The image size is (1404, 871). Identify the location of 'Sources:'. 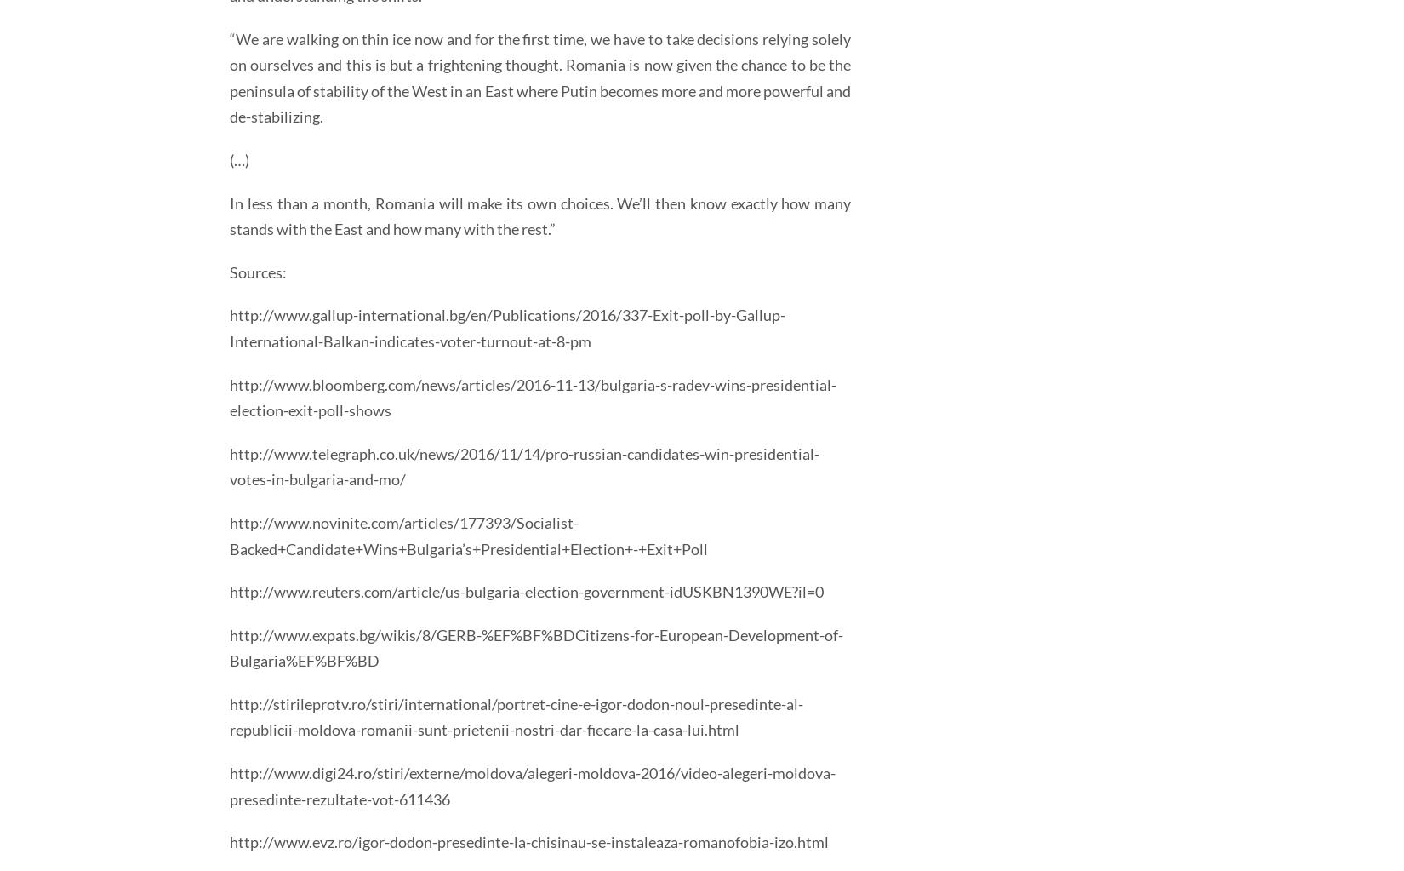
(258, 271).